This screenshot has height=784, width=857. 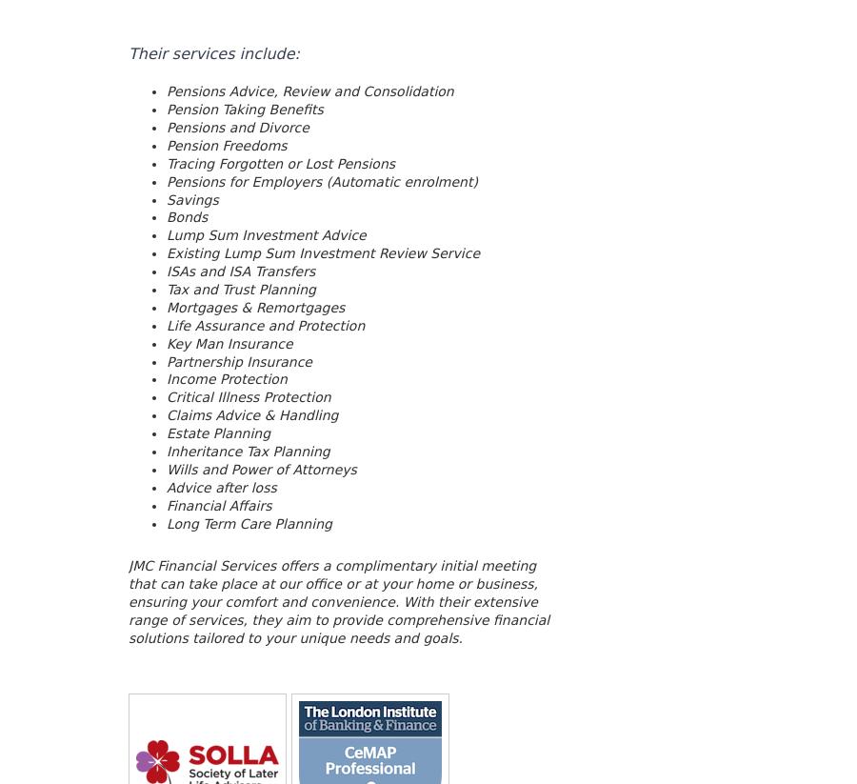 I want to click on 'Their services include:', so click(x=213, y=52).